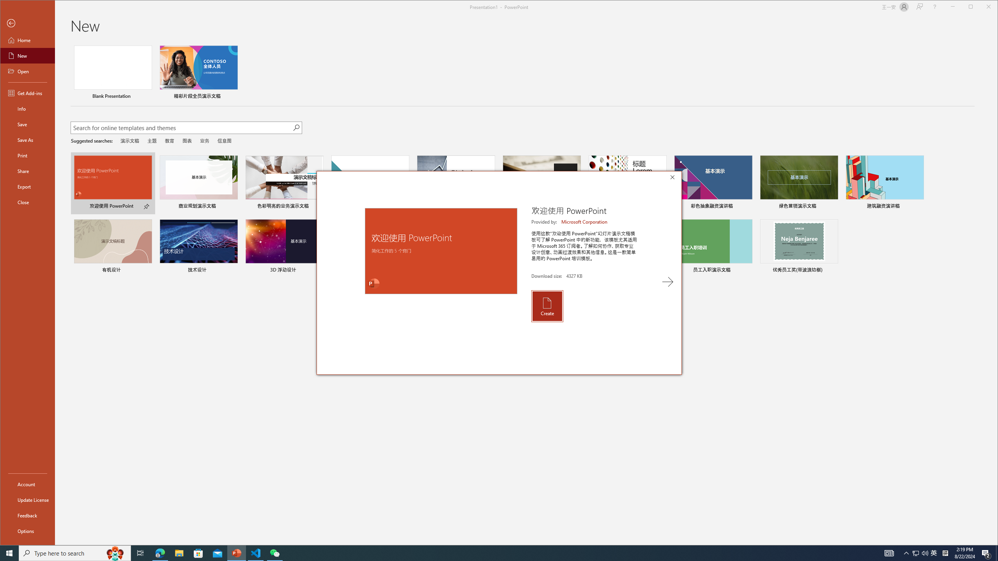  I want to click on 'Class: NetUIScrollBar', so click(994, 293).